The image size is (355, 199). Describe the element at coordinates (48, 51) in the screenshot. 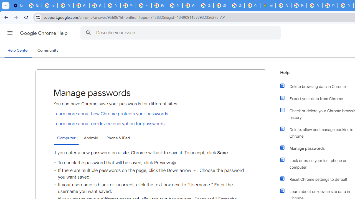

I see `'Community'` at that location.